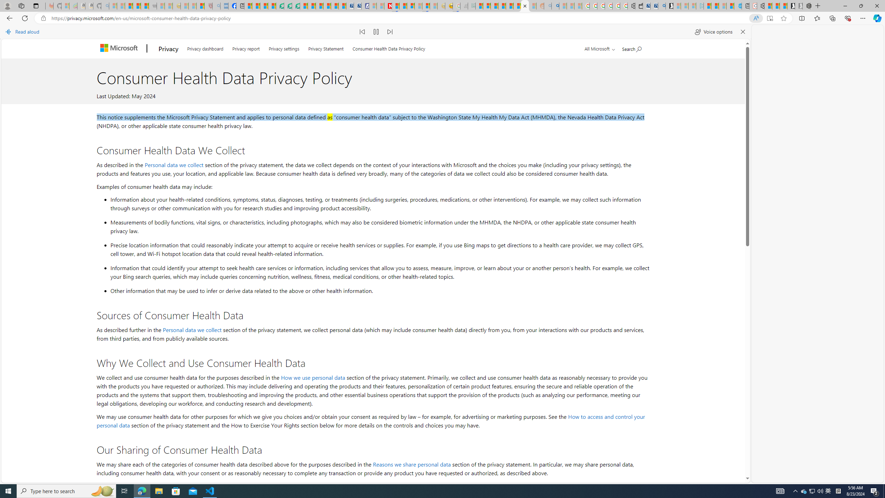  I want to click on 'The Weather Channel - MSN', so click(129, 6).